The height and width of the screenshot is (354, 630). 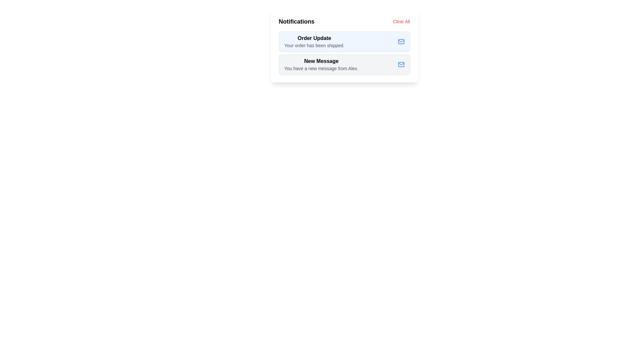 What do you see at coordinates (314, 38) in the screenshot?
I see `the static text element styled as a heading within the notification card that summarizes the content of the notification, located under the header 'Notifications'` at bounding box center [314, 38].